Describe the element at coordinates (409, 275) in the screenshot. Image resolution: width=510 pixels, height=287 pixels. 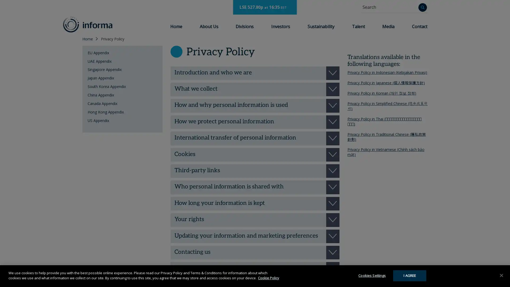
I see `I AGREE` at that location.